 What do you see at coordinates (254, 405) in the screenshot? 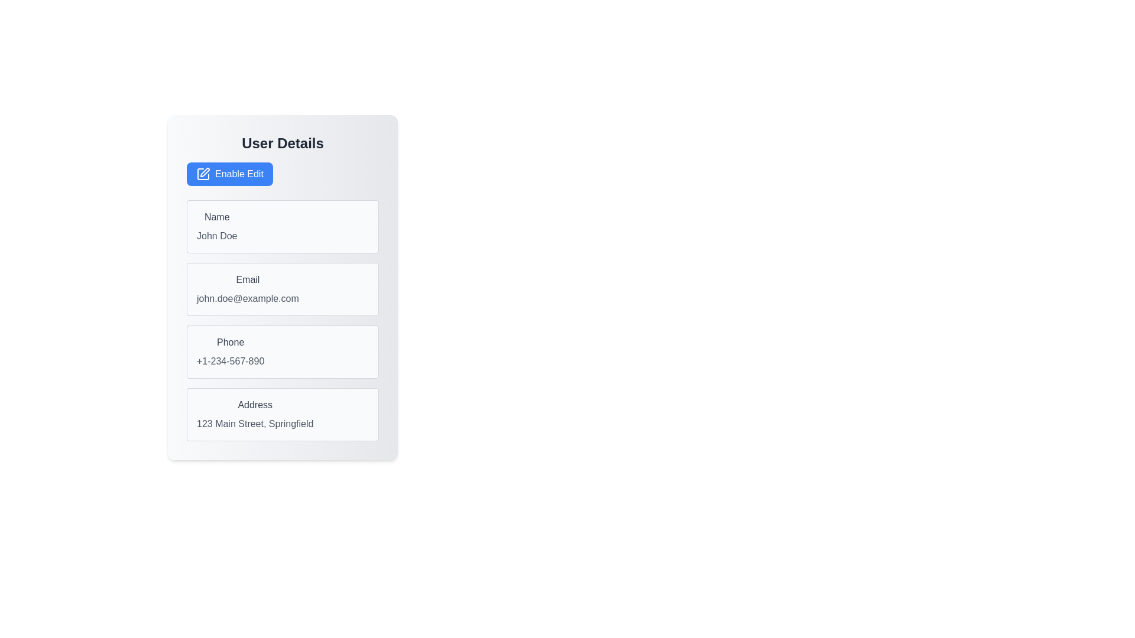
I see `the label indicating the address information, which is located below the 'Phone' information and above the address text '123 Main Street, Springfield.'` at bounding box center [254, 405].